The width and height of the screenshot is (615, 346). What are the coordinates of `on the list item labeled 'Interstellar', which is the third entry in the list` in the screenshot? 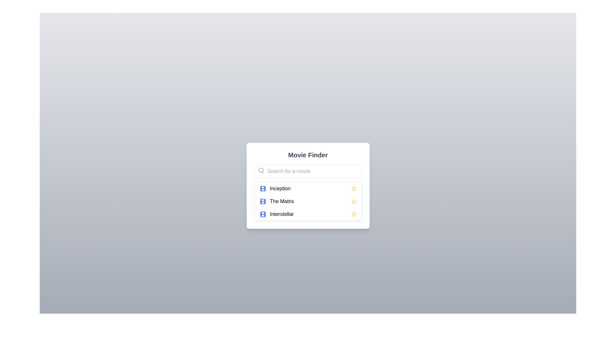 It's located at (308, 214).